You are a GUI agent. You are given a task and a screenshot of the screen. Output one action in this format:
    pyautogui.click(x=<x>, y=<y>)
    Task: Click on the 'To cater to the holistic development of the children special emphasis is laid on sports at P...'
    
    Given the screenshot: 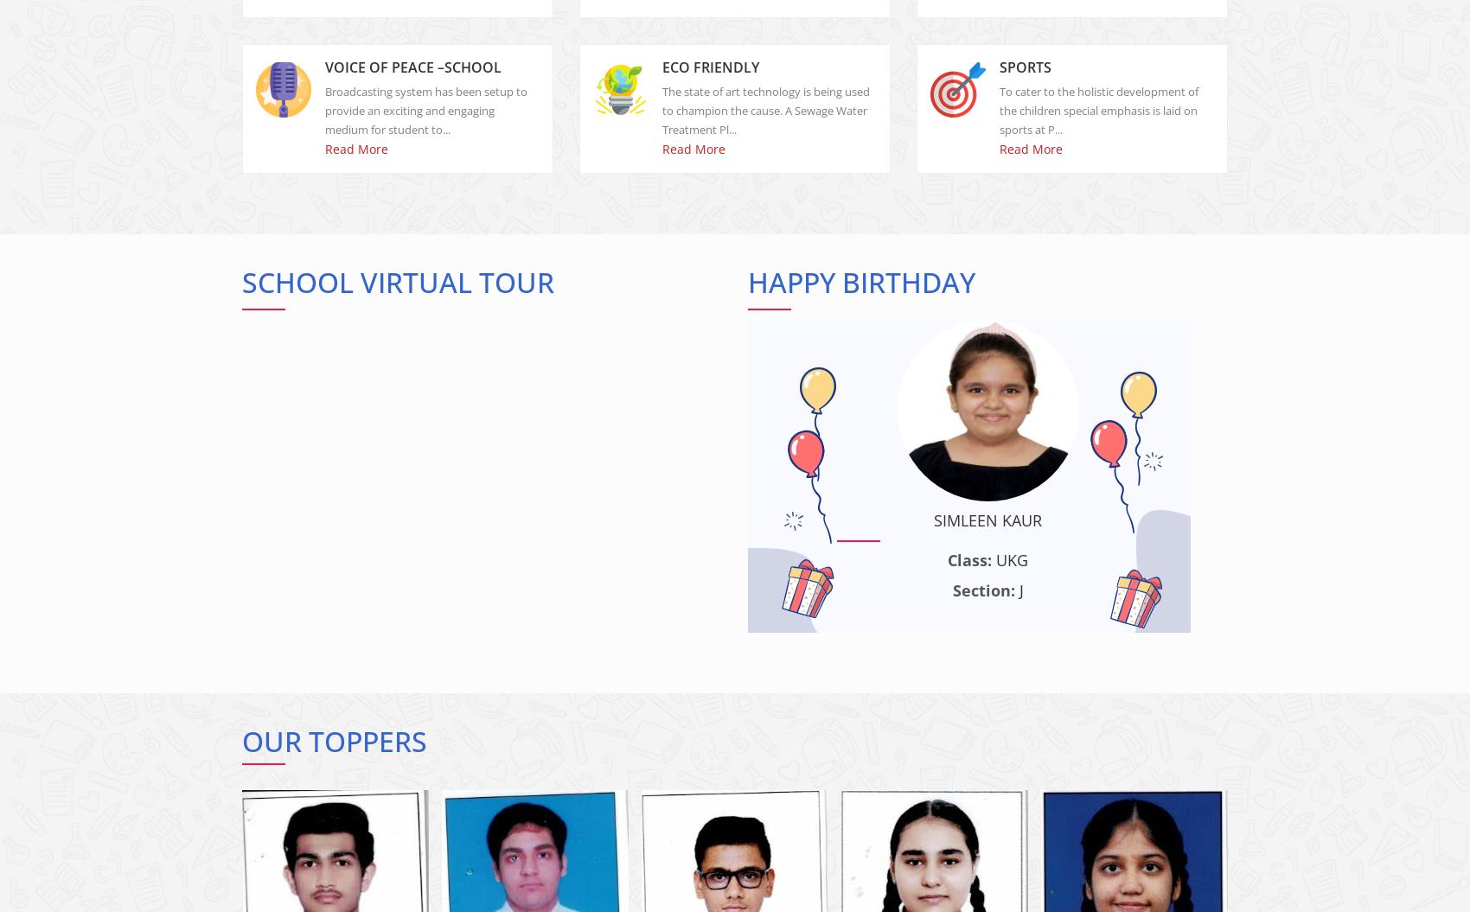 What is the action you would take?
    pyautogui.click(x=1097, y=124)
    